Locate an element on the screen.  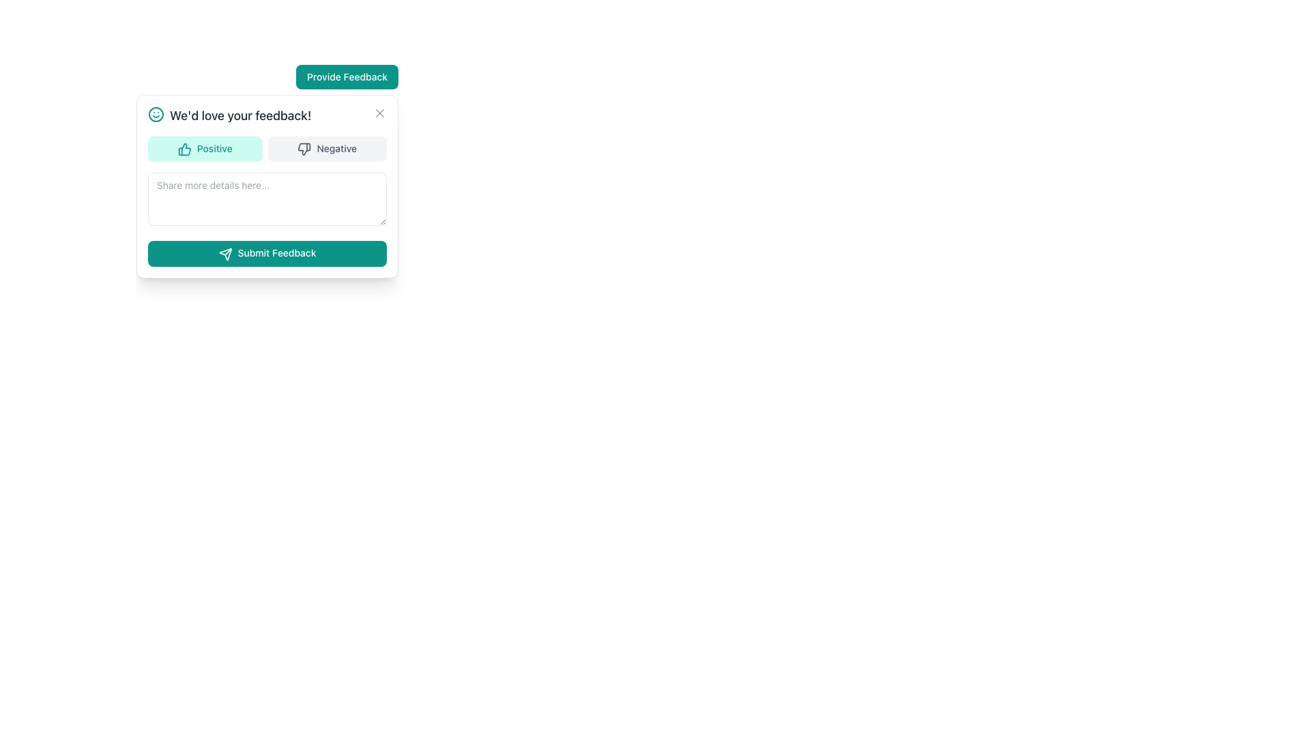
the green-stroke circular outline SVG element that is part of the smiley face icon in the 'We'd love your feedback!' dialog box is located at coordinates (156, 114).